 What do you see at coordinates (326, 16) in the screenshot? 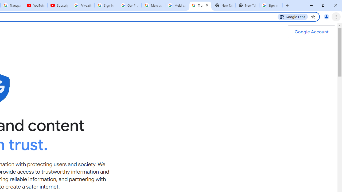
I see `'You'` at bounding box center [326, 16].